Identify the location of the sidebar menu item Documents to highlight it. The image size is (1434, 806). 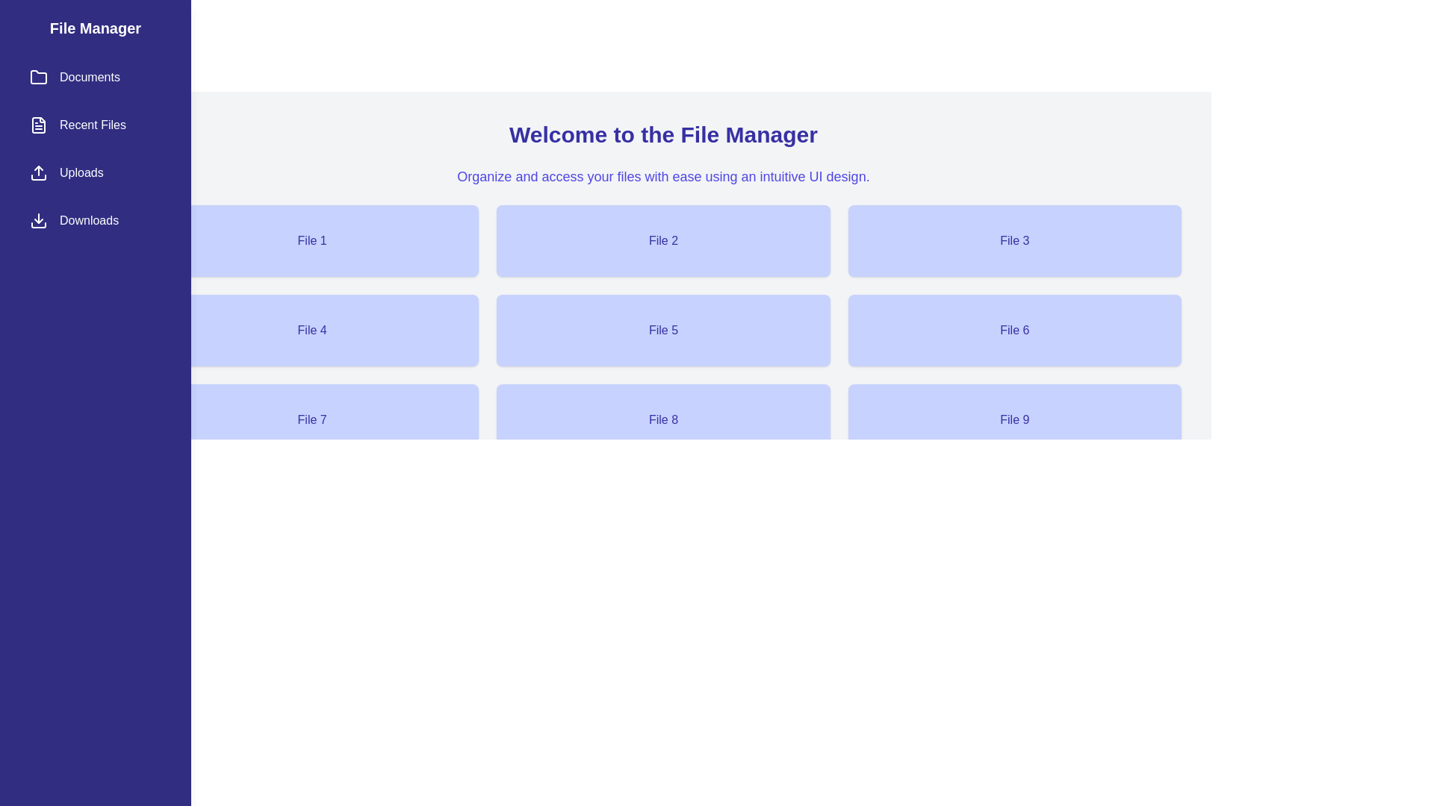
(95, 78).